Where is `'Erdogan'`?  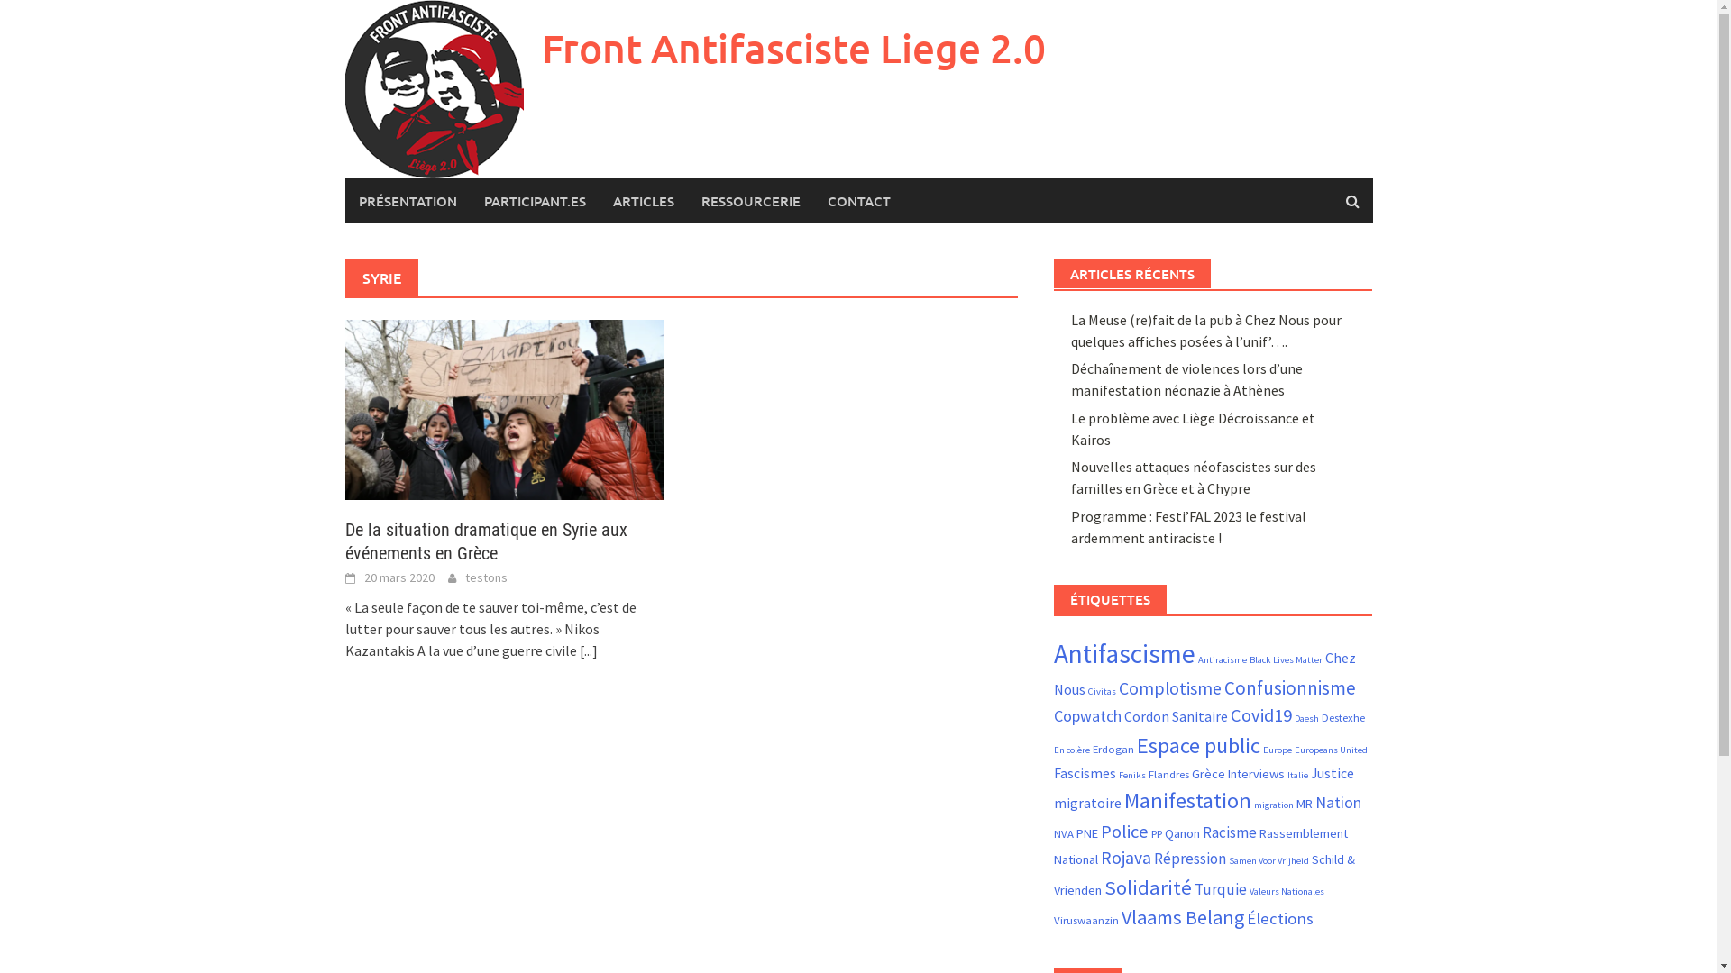 'Erdogan' is located at coordinates (1112, 748).